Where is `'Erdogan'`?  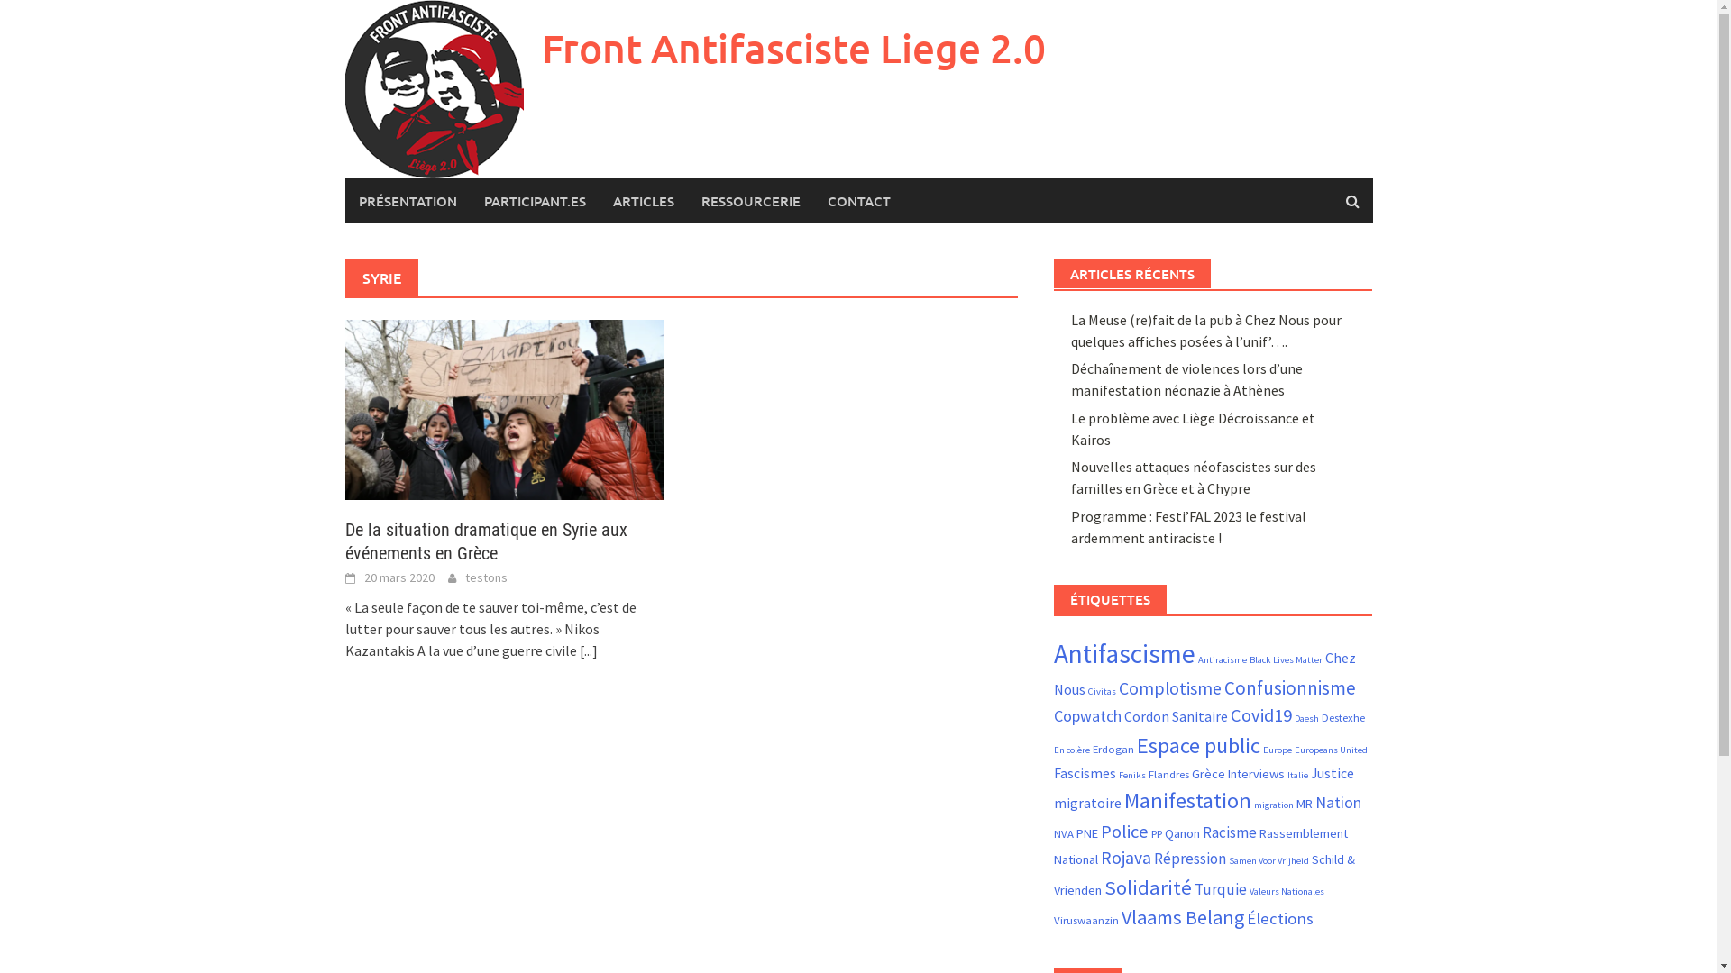 'Erdogan' is located at coordinates (1112, 748).